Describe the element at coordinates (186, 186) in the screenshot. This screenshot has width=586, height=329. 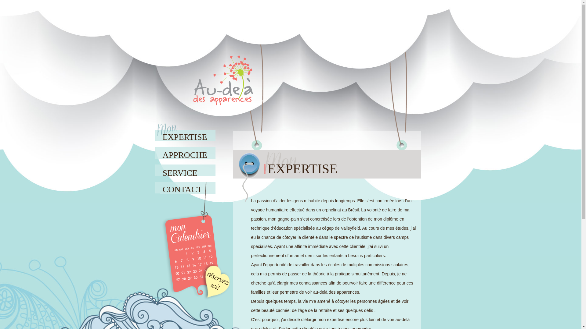
I see `'CONTACT'` at that location.